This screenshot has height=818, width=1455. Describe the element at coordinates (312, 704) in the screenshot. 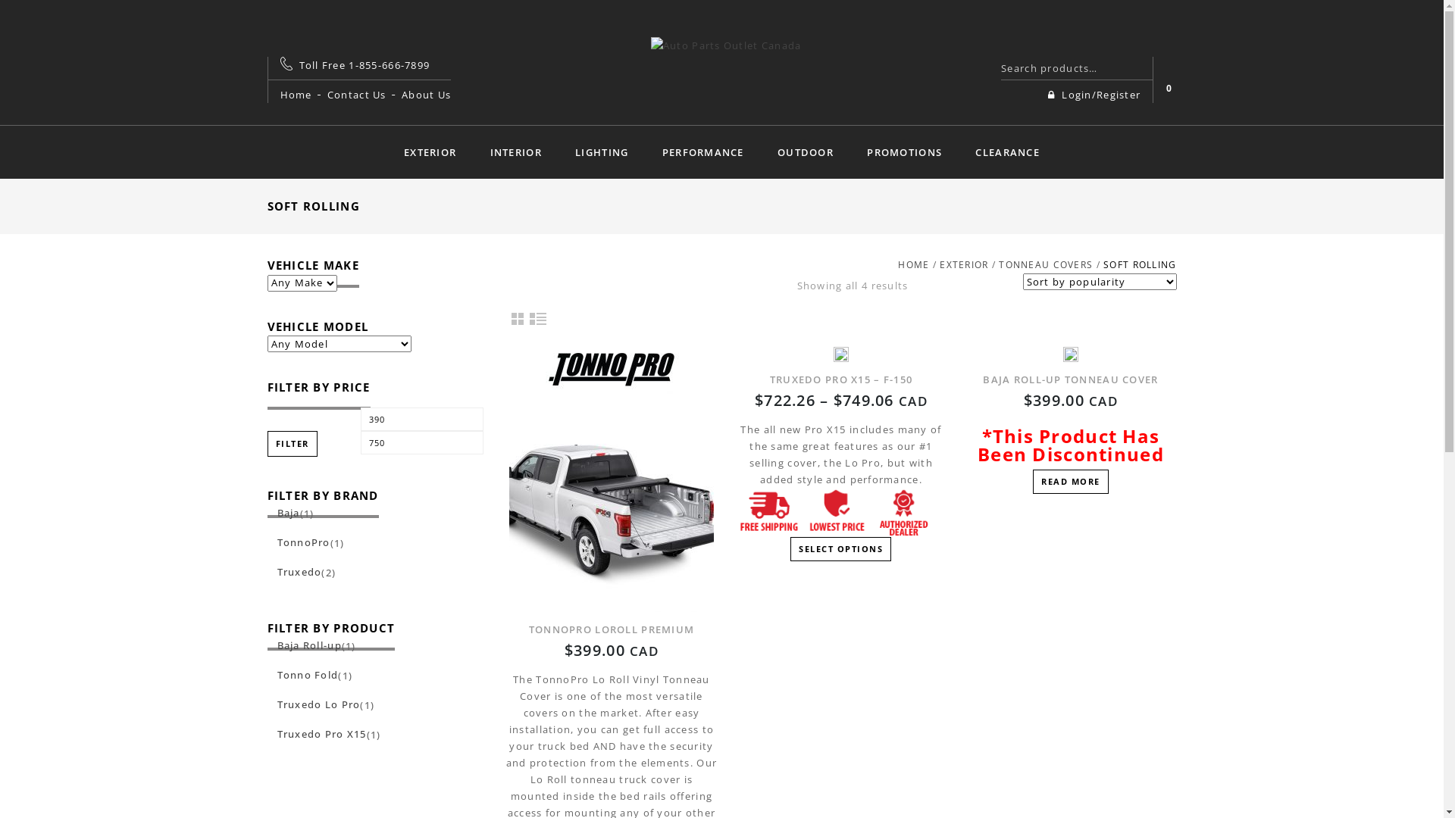

I see `'Truxedo Lo Pro'` at that location.